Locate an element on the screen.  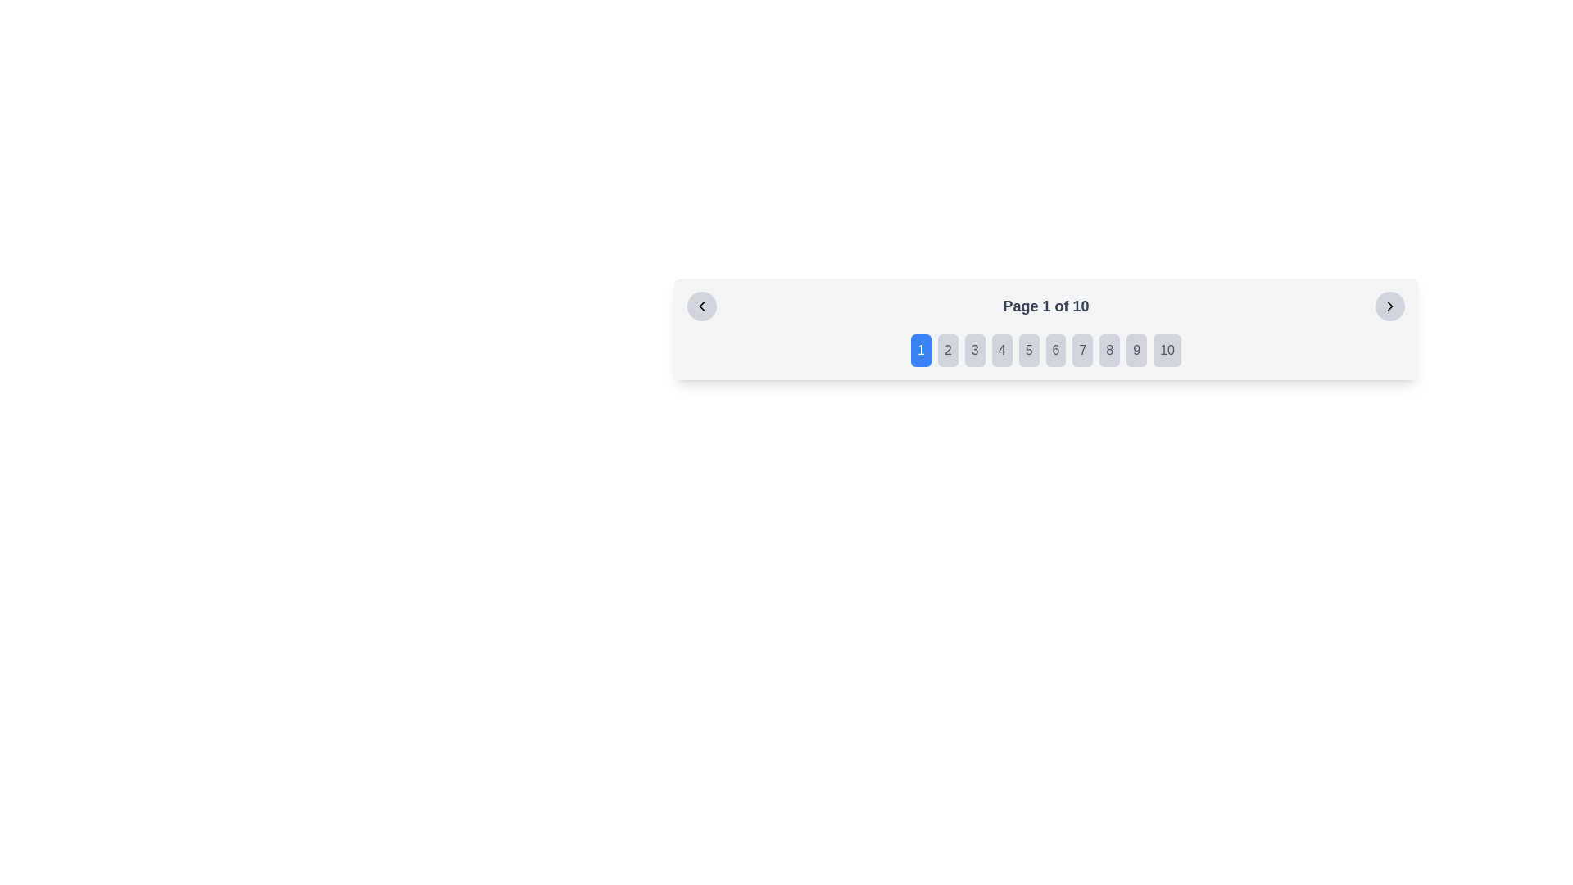
the ninth button in the pagination interface is located at coordinates (1136, 350).